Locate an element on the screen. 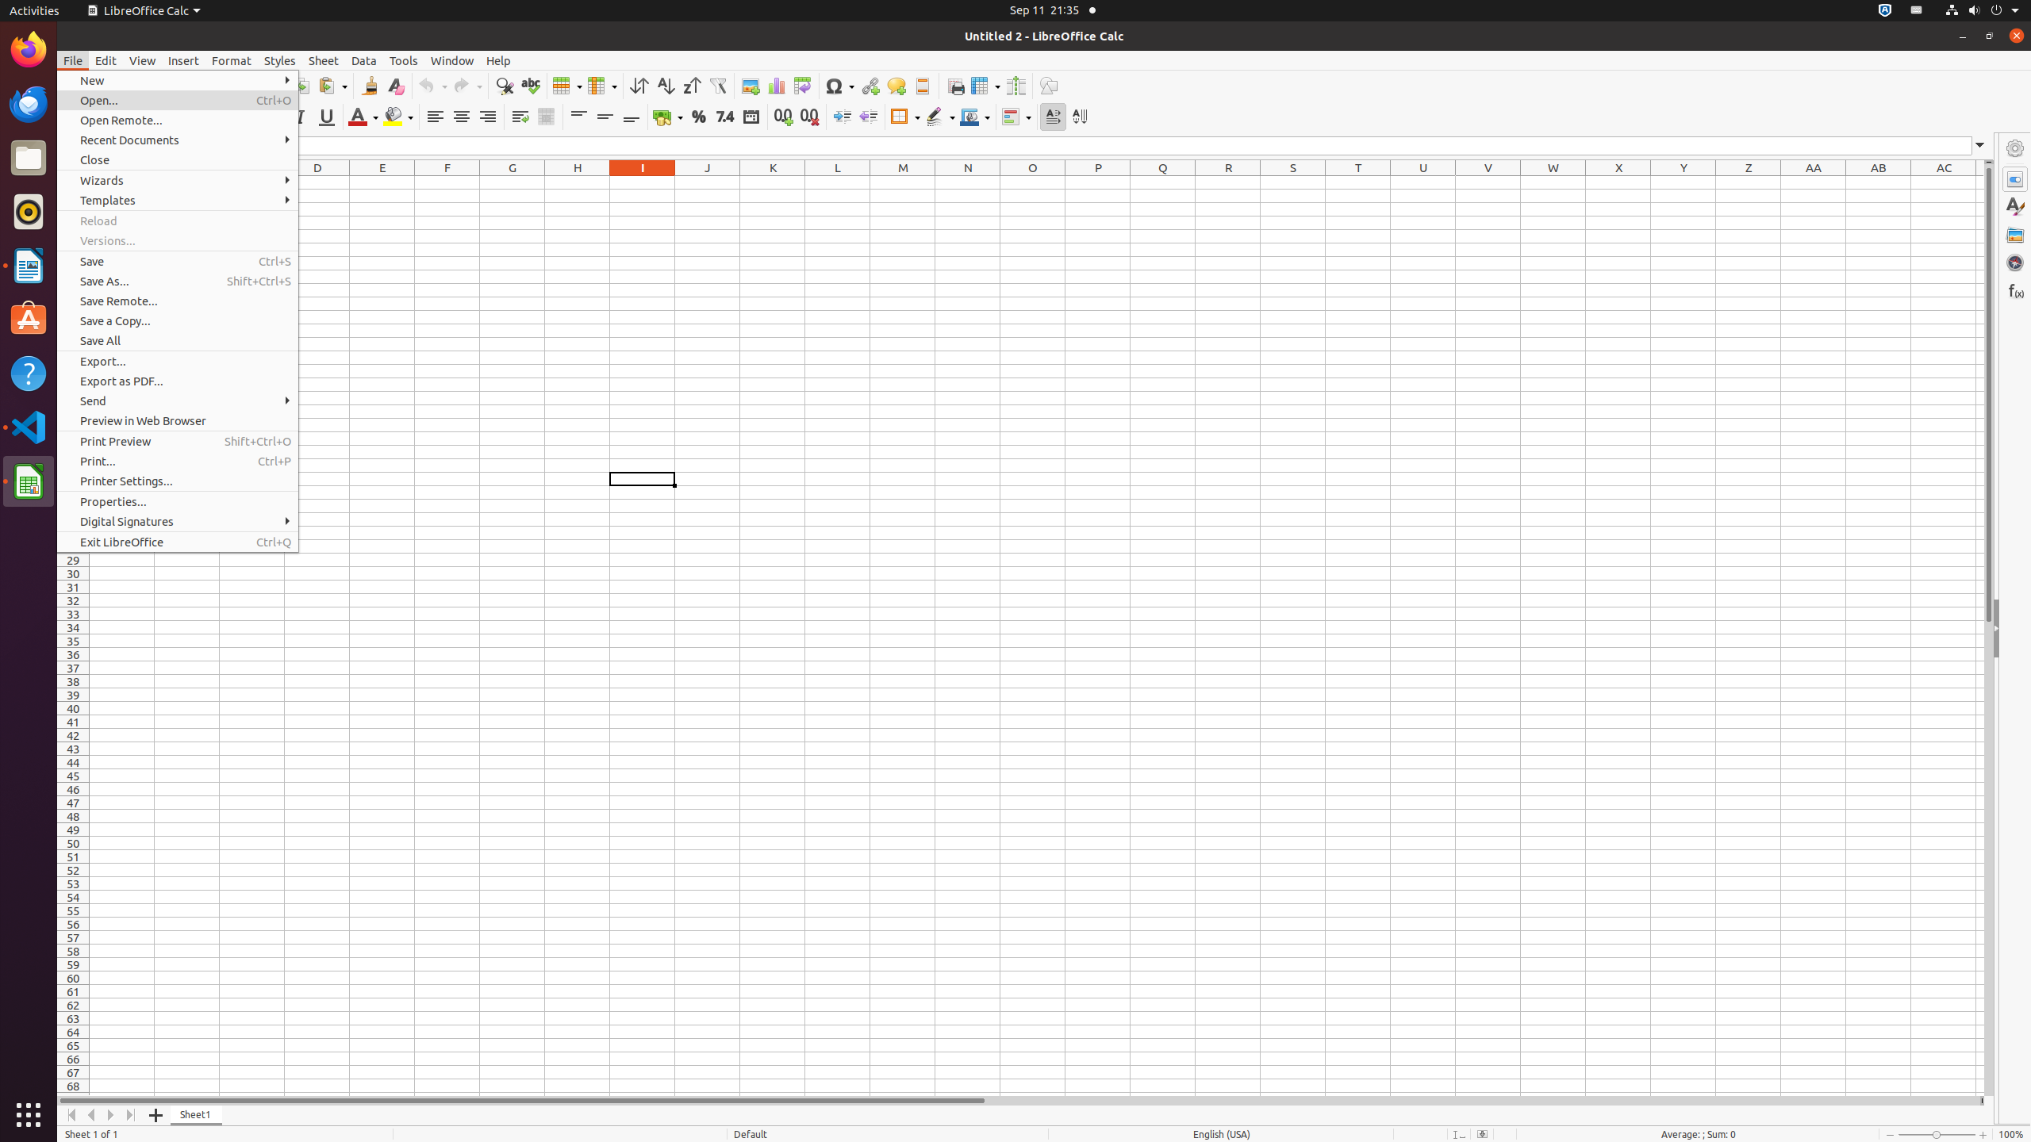 The height and width of the screenshot is (1142, 2031). 'Save All' is located at coordinates (178, 339).